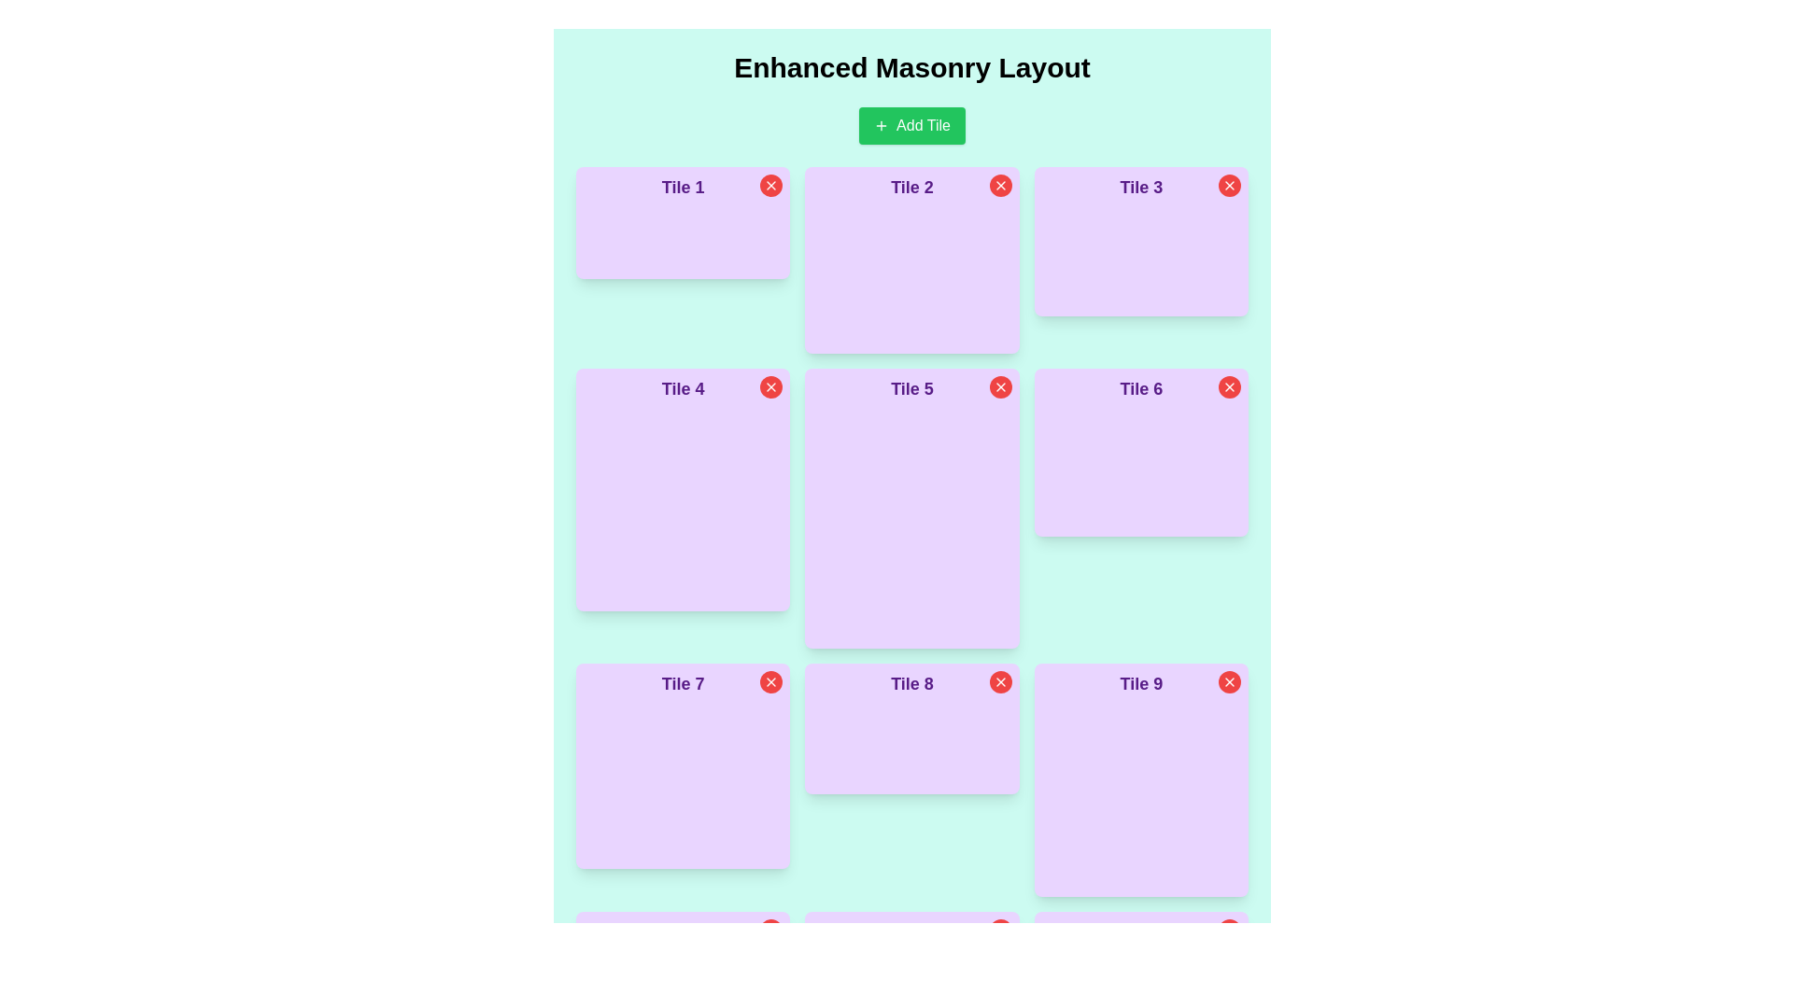 Image resolution: width=1793 pixels, height=1008 pixels. Describe the element at coordinates (771, 186) in the screenshot. I see `the 'X' icon button with a red circular background located in the top-right corner of 'Tile 1'` at that location.